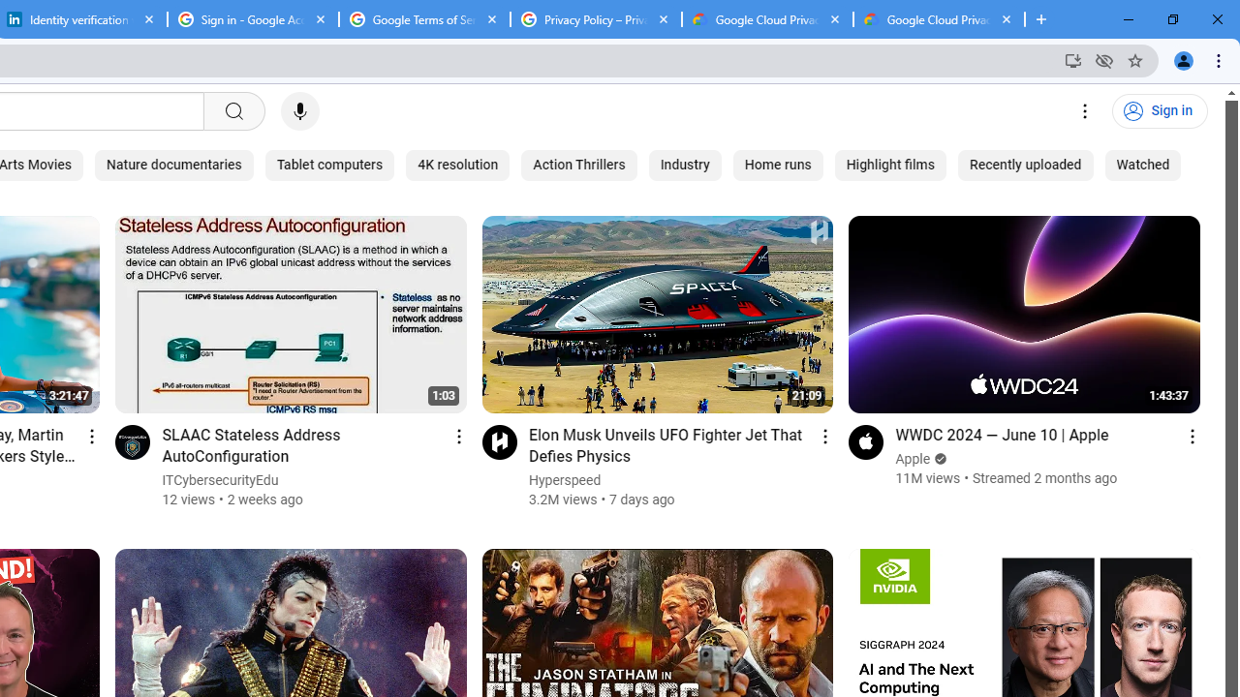 The height and width of the screenshot is (697, 1240). I want to click on 'Nature documentaries', so click(174, 165).